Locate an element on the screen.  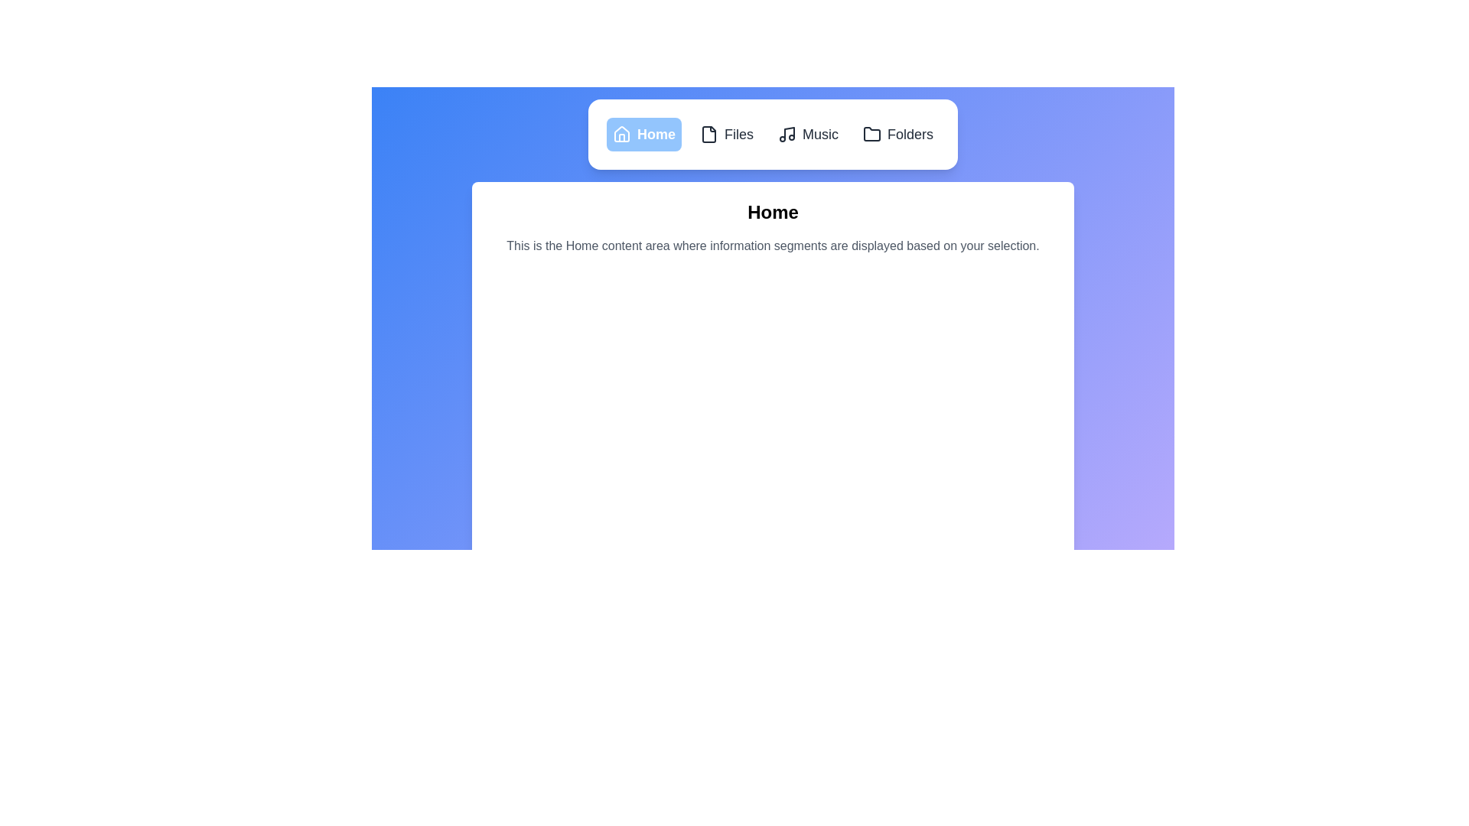
the Files tab to observe visual feedback is located at coordinates (726, 134).